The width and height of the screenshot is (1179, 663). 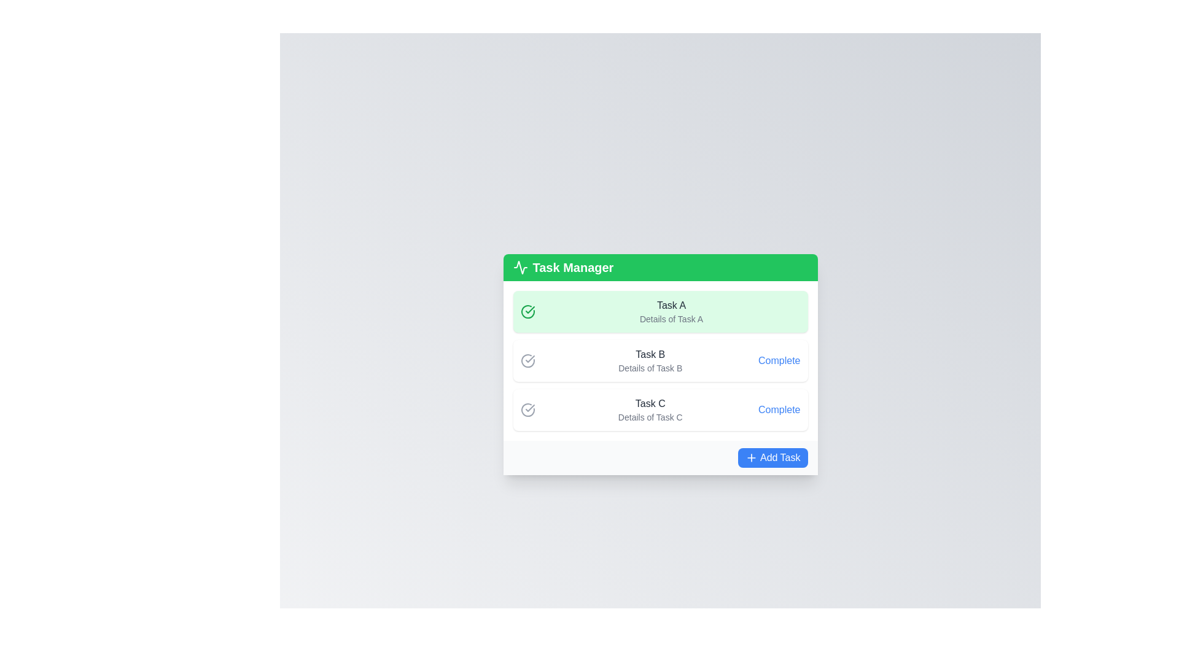 What do you see at coordinates (572, 266) in the screenshot?
I see `text label 'Task Manager' which is styled in bold with a larger font size and is centered horizontally in the green header section` at bounding box center [572, 266].